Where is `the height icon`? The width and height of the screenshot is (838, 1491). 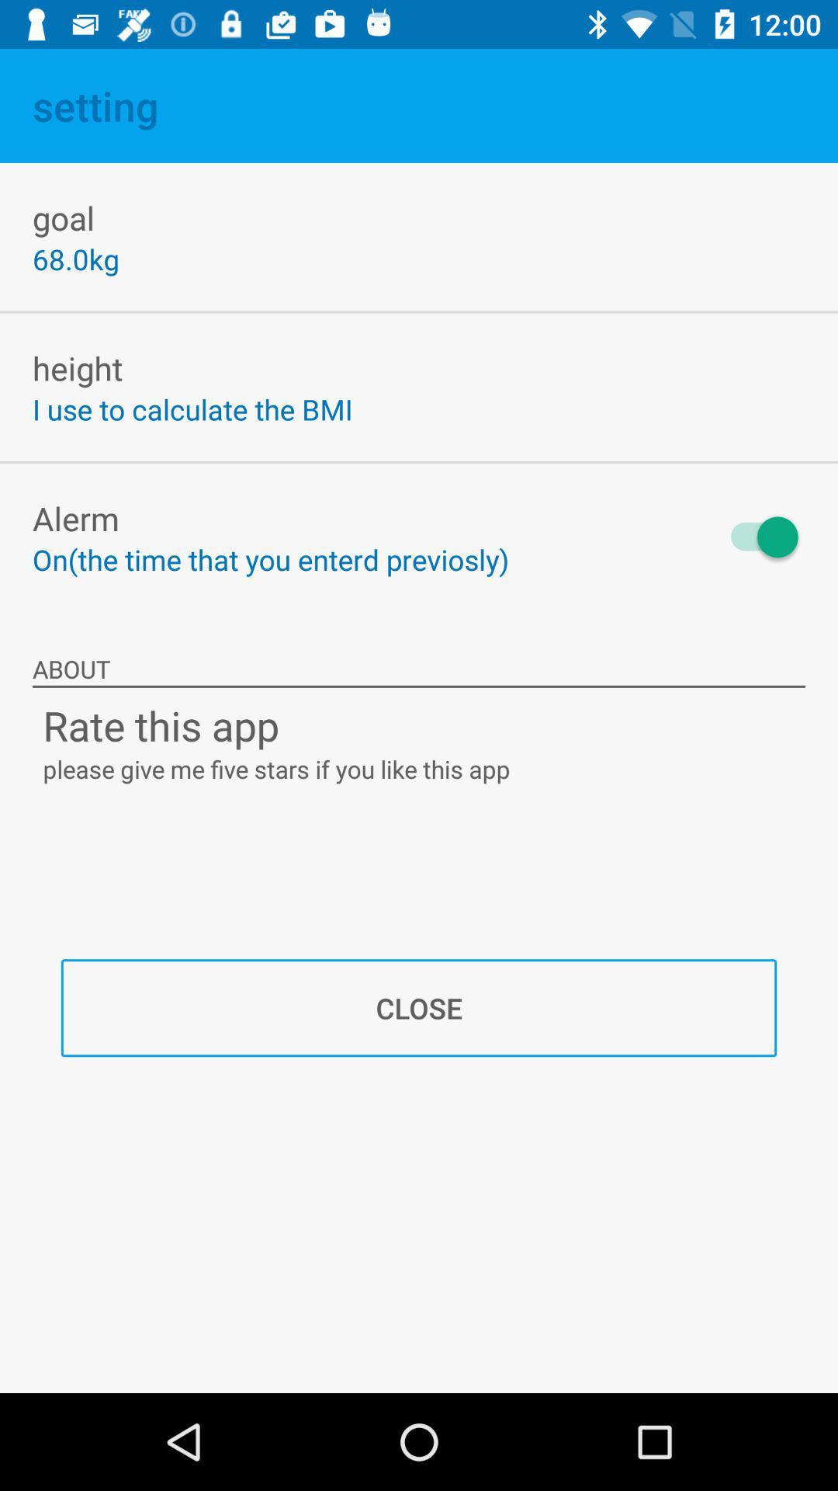
the height icon is located at coordinates (78, 367).